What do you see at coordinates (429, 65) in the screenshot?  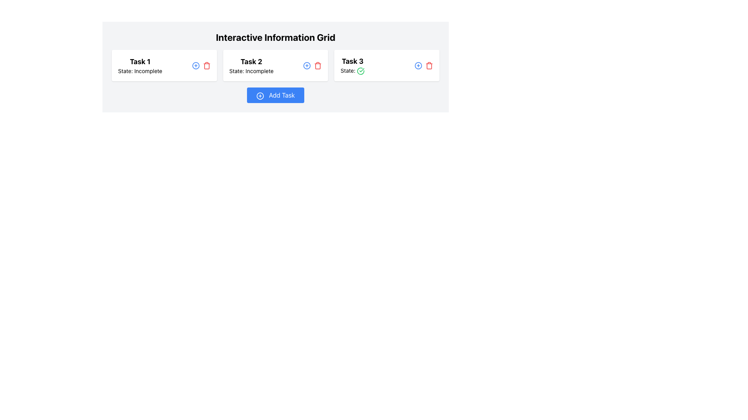 I see `the red trash bin icon located to the right of the 'Task 3' section` at bounding box center [429, 65].